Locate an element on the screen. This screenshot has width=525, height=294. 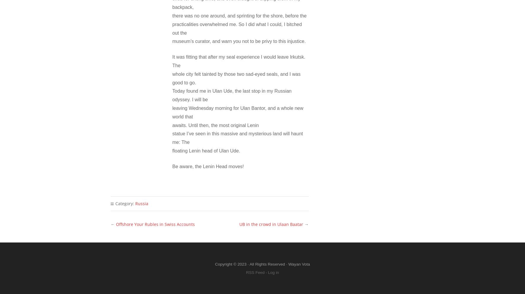
'statue I’ve seen in this massive and mysterious land will haunt me: The' is located at coordinates (237, 138).